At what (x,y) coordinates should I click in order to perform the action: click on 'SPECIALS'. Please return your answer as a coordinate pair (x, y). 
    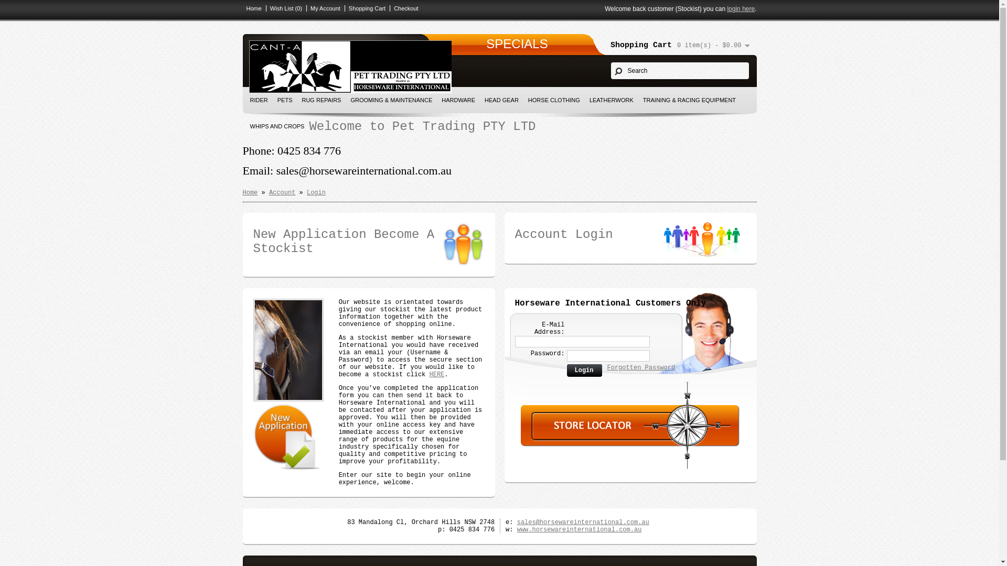
    Looking at the image, I should click on (517, 43).